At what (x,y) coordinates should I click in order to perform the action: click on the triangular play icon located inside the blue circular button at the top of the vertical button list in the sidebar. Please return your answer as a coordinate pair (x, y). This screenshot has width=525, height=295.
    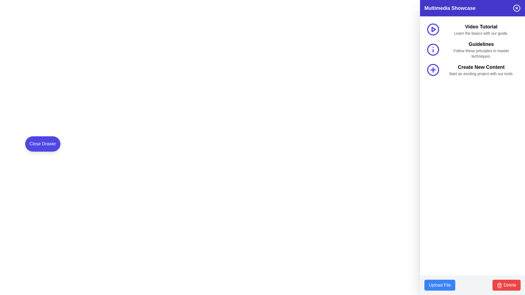
    Looking at the image, I should click on (433, 29).